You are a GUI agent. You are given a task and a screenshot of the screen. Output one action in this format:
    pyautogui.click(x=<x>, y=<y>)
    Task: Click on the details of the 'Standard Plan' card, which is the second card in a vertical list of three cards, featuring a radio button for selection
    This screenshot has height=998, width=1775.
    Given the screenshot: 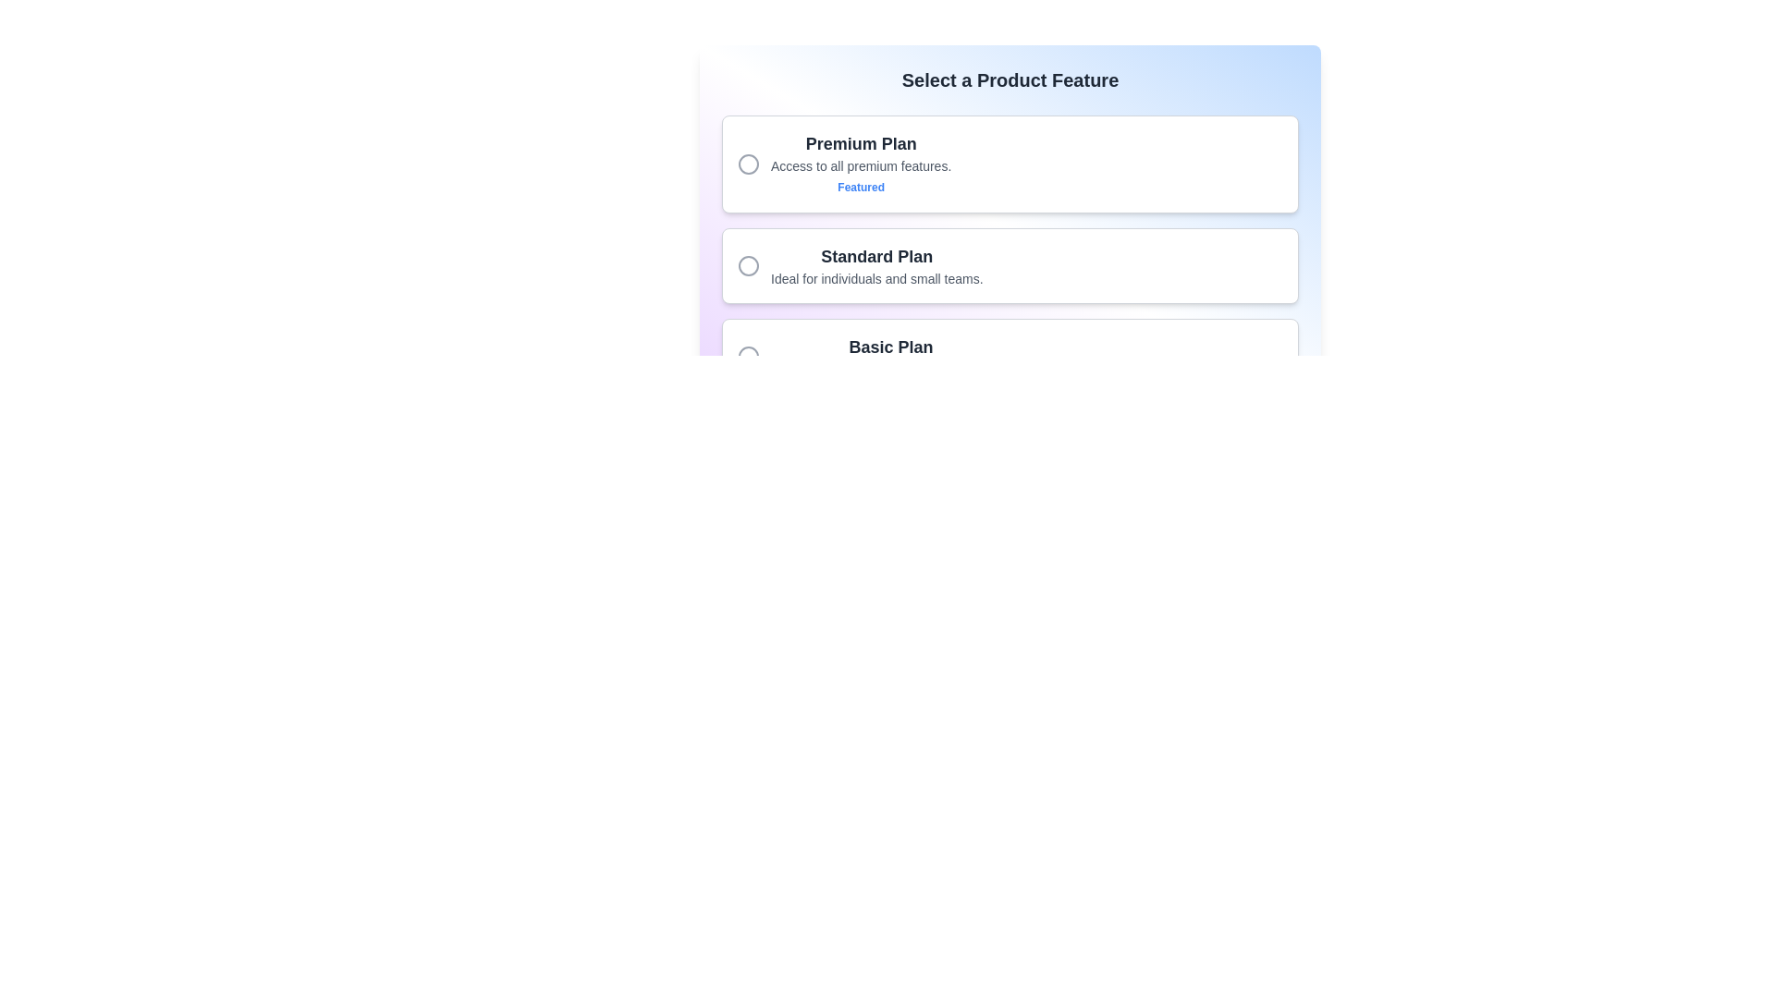 What is the action you would take?
    pyautogui.click(x=1010, y=266)
    